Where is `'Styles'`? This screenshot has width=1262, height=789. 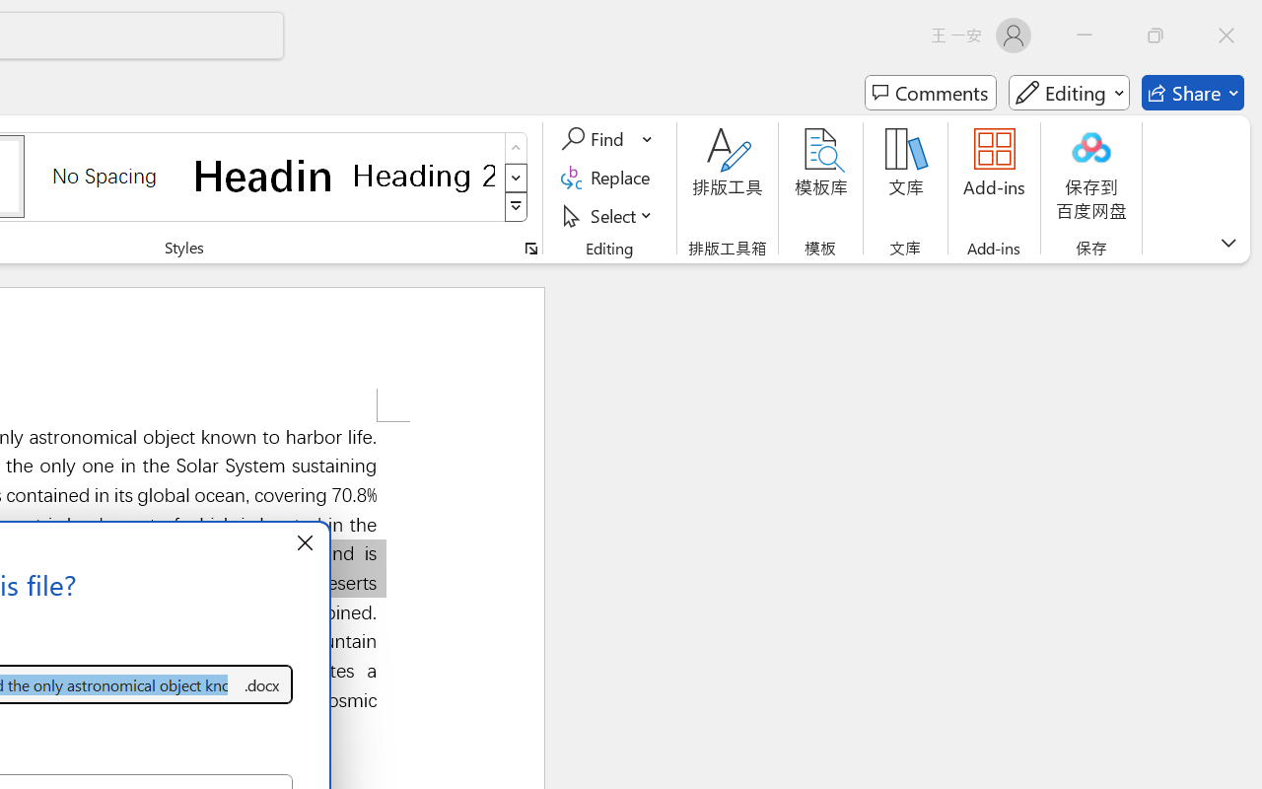 'Styles' is located at coordinates (516, 207).